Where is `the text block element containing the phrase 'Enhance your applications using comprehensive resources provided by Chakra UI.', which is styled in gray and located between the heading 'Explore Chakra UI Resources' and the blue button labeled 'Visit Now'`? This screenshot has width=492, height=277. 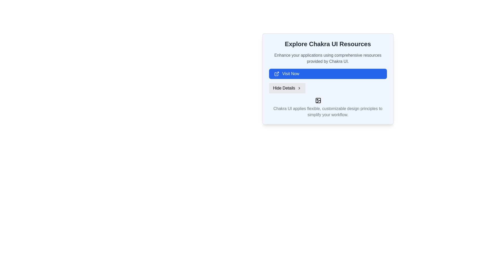 the text block element containing the phrase 'Enhance your applications using comprehensive resources provided by Chakra UI.', which is styled in gray and located between the heading 'Explore Chakra UI Resources' and the blue button labeled 'Visit Now' is located at coordinates (327, 58).